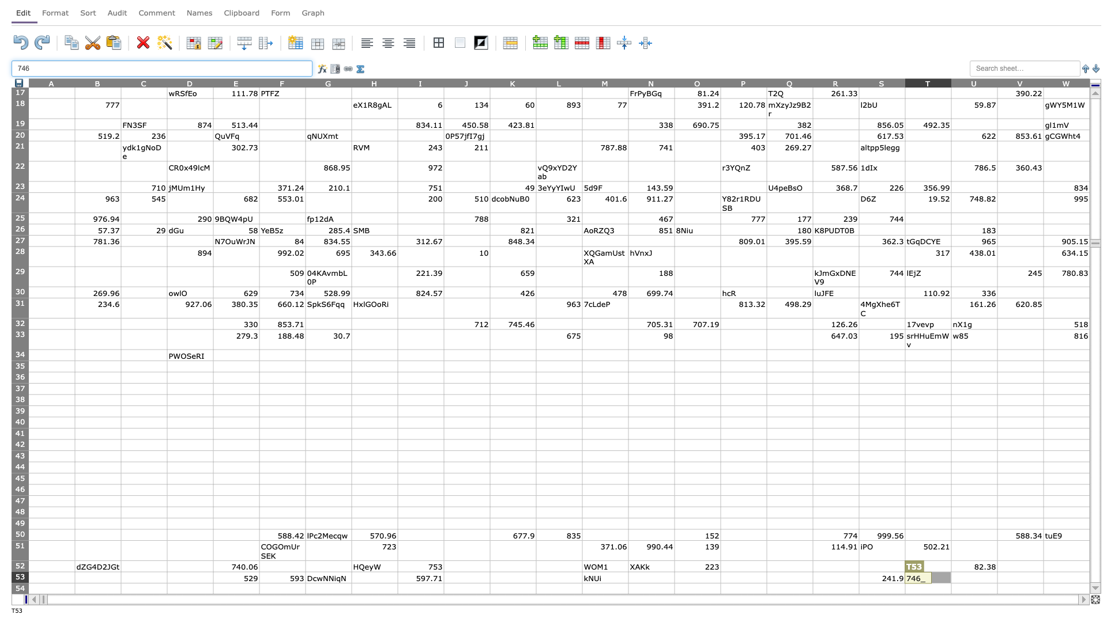 This screenshot has height=622, width=1107. I want to click on Place cursor on top left corner of W53, so click(1043, 571).